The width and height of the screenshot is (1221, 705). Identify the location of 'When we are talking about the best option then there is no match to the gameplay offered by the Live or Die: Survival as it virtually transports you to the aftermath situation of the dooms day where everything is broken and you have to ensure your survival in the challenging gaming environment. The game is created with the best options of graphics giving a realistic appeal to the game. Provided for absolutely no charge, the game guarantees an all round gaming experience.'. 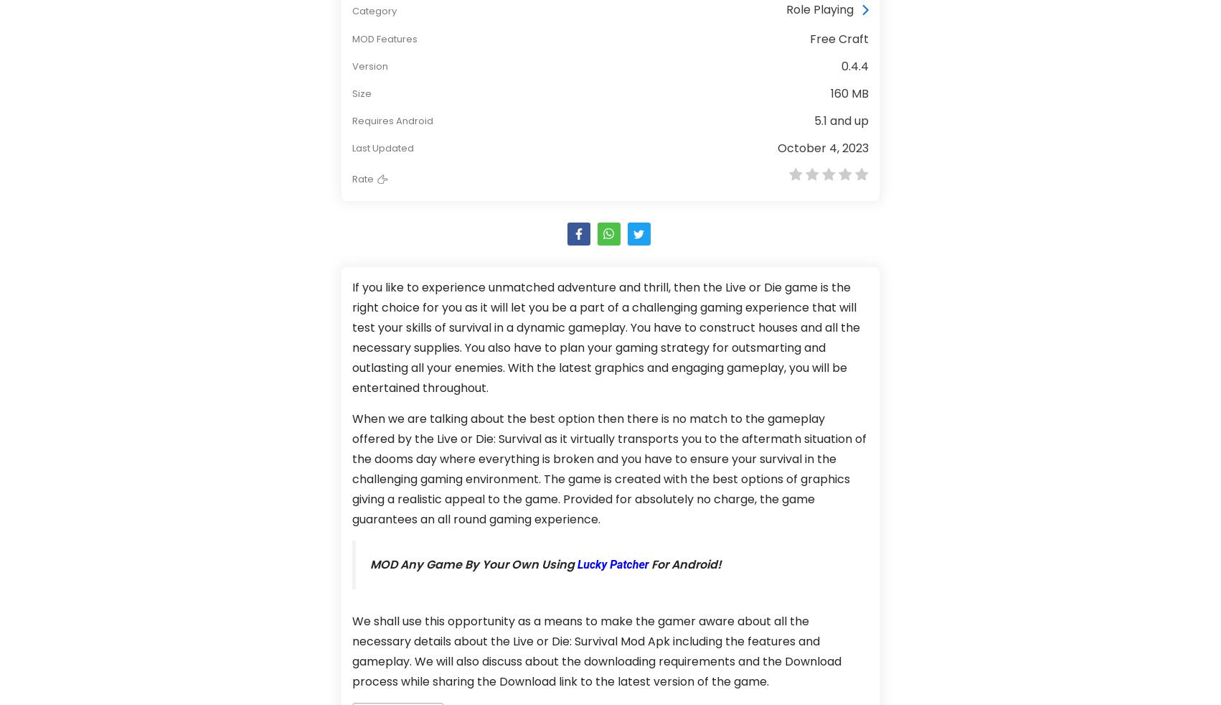
(608, 468).